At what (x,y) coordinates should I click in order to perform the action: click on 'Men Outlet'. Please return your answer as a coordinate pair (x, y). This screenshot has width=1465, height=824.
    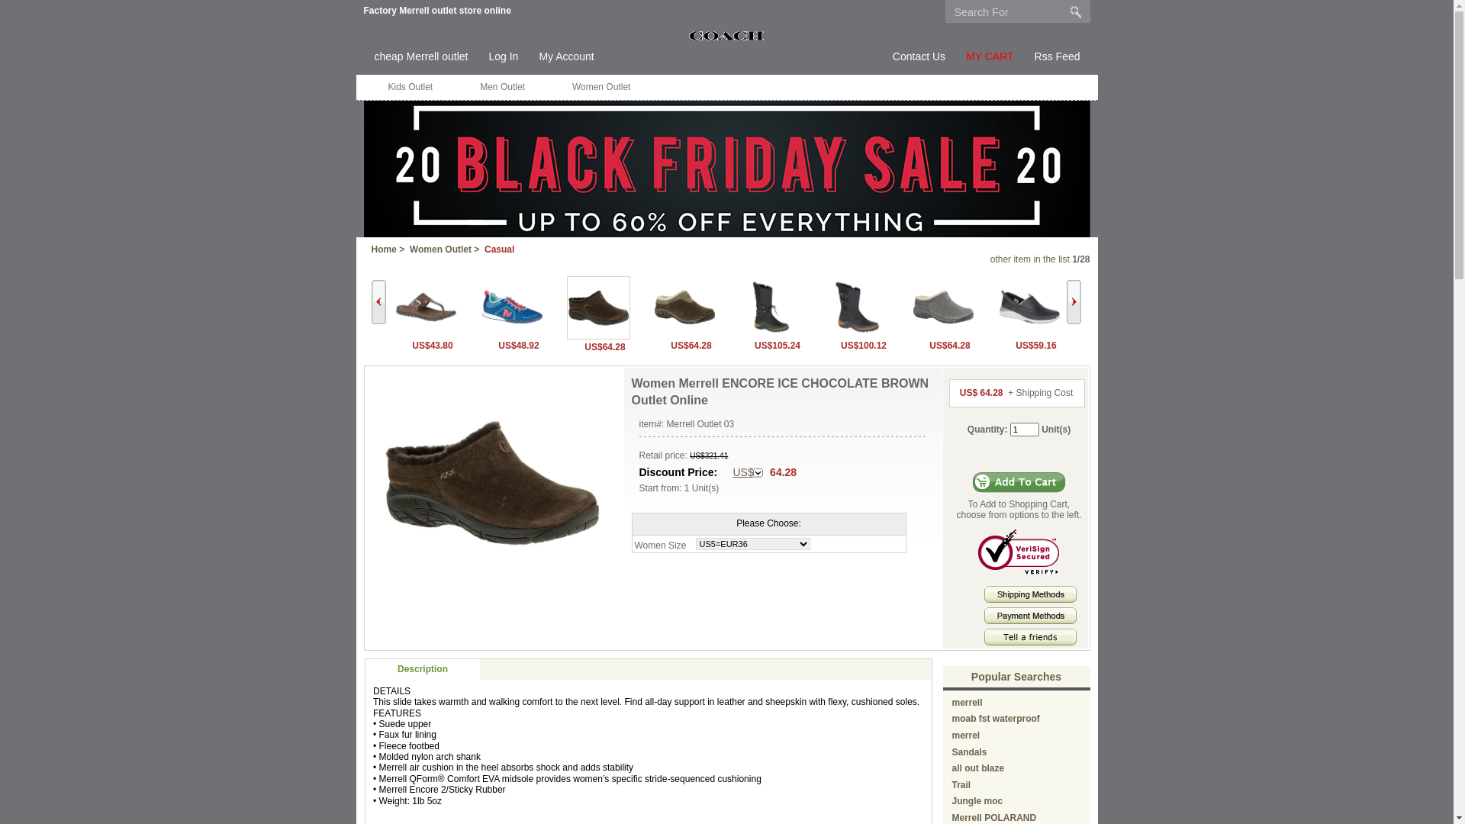
    Looking at the image, I should click on (456, 87).